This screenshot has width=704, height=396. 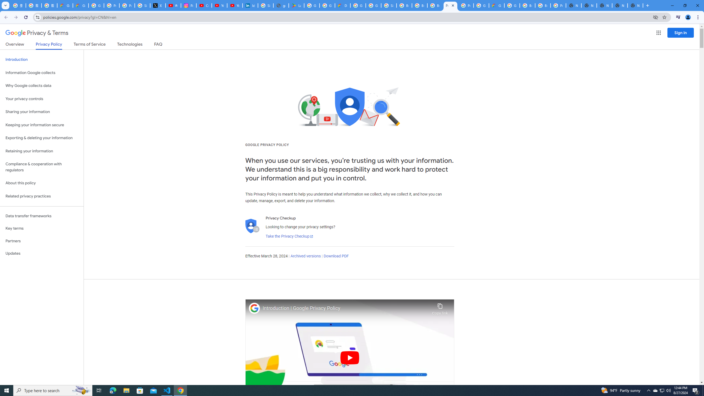 I want to click on 'Terms of Service', so click(x=89, y=45).